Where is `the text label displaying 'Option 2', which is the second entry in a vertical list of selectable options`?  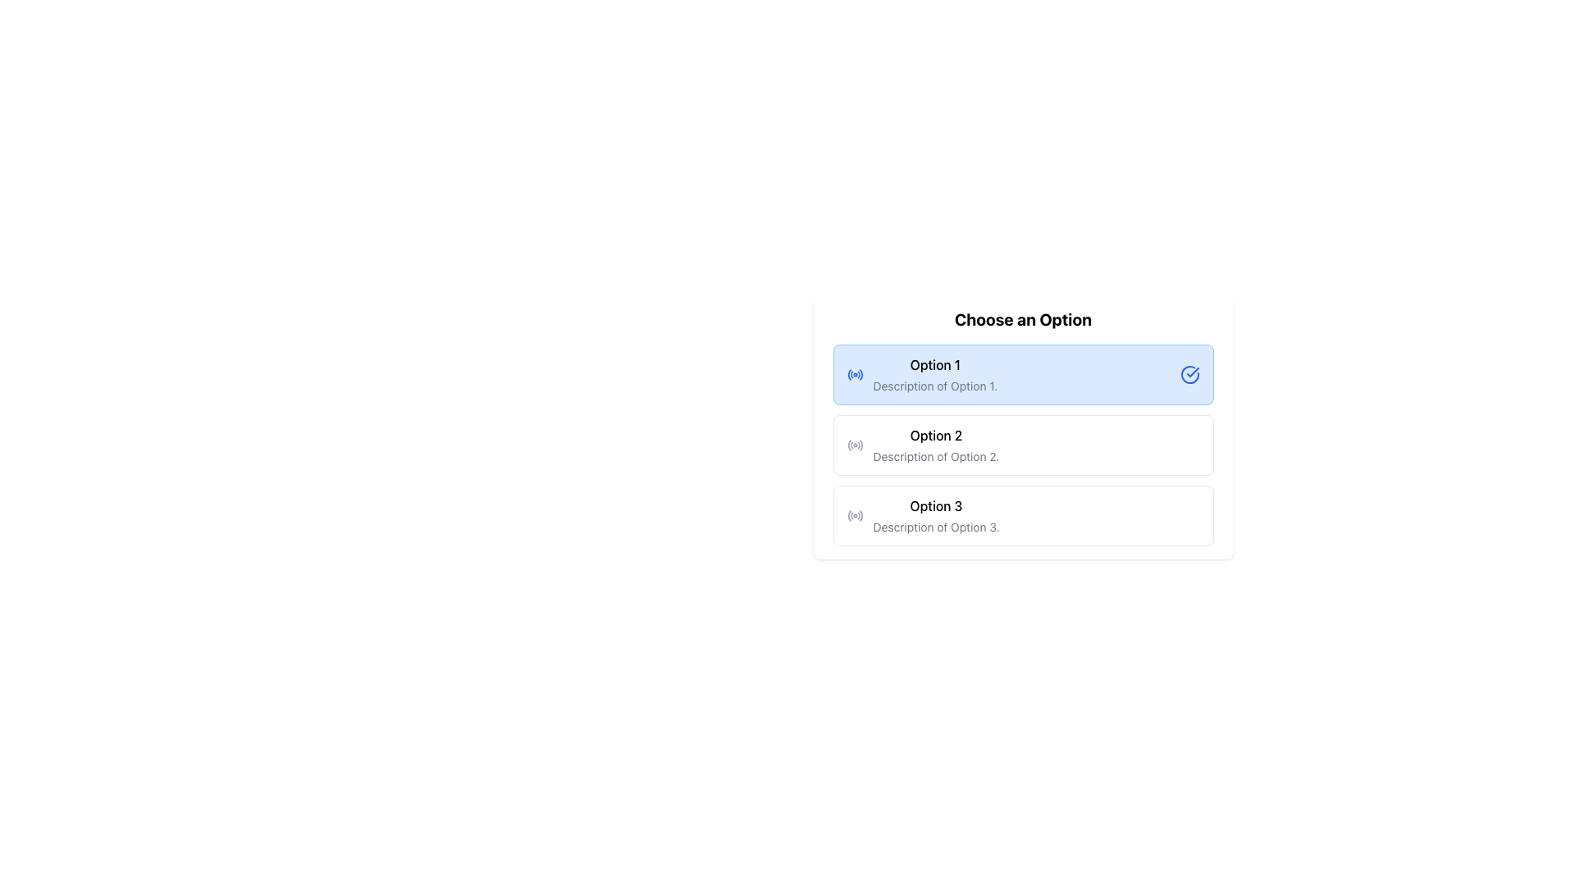 the text label displaying 'Option 2', which is the second entry in a vertical list of selectable options is located at coordinates (936, 435).